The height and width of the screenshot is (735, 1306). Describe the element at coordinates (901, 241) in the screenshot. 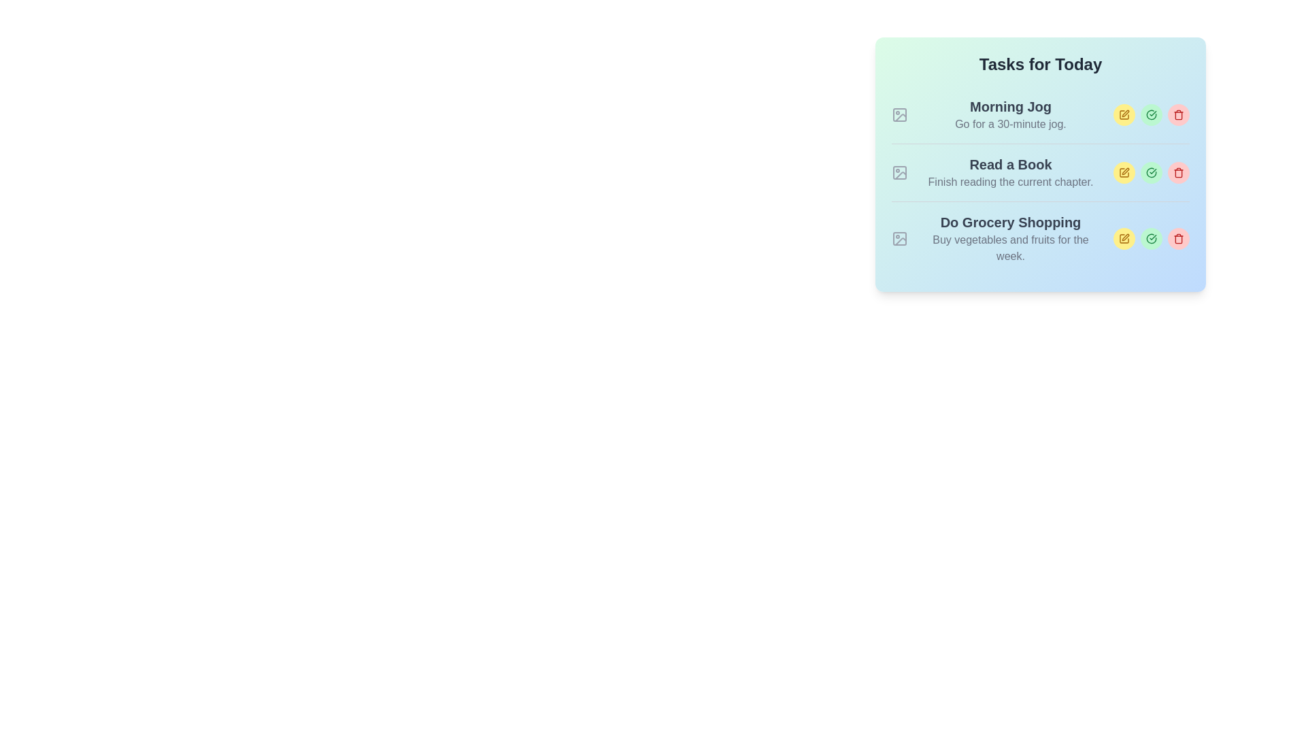

I see `the slanted line in the lower right section of the SVG icon representing the placeholder image for the task 'Do Grocery Shopping'` at that location.